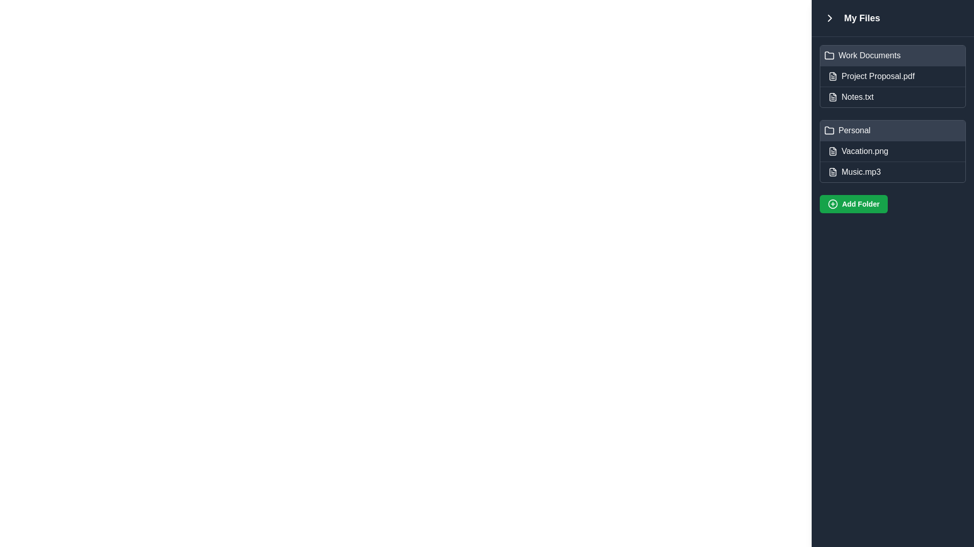  Describe the element at coordinates (893, 97) in the screenshot. I see `the 'Notes.txt' file item displayed under the 'Work Documents' category` at that location.